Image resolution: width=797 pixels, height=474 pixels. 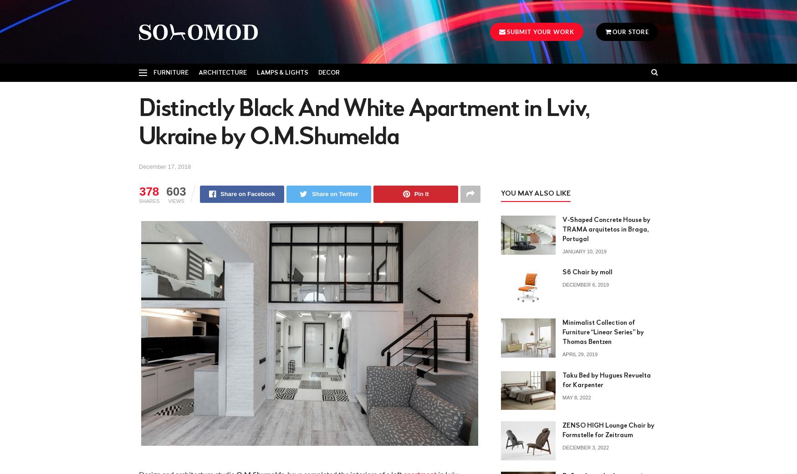 What do you see at coordinates (585, 285) in the screenshot?
I see `'December 6, 2019'` at bounding box center [585, 285].